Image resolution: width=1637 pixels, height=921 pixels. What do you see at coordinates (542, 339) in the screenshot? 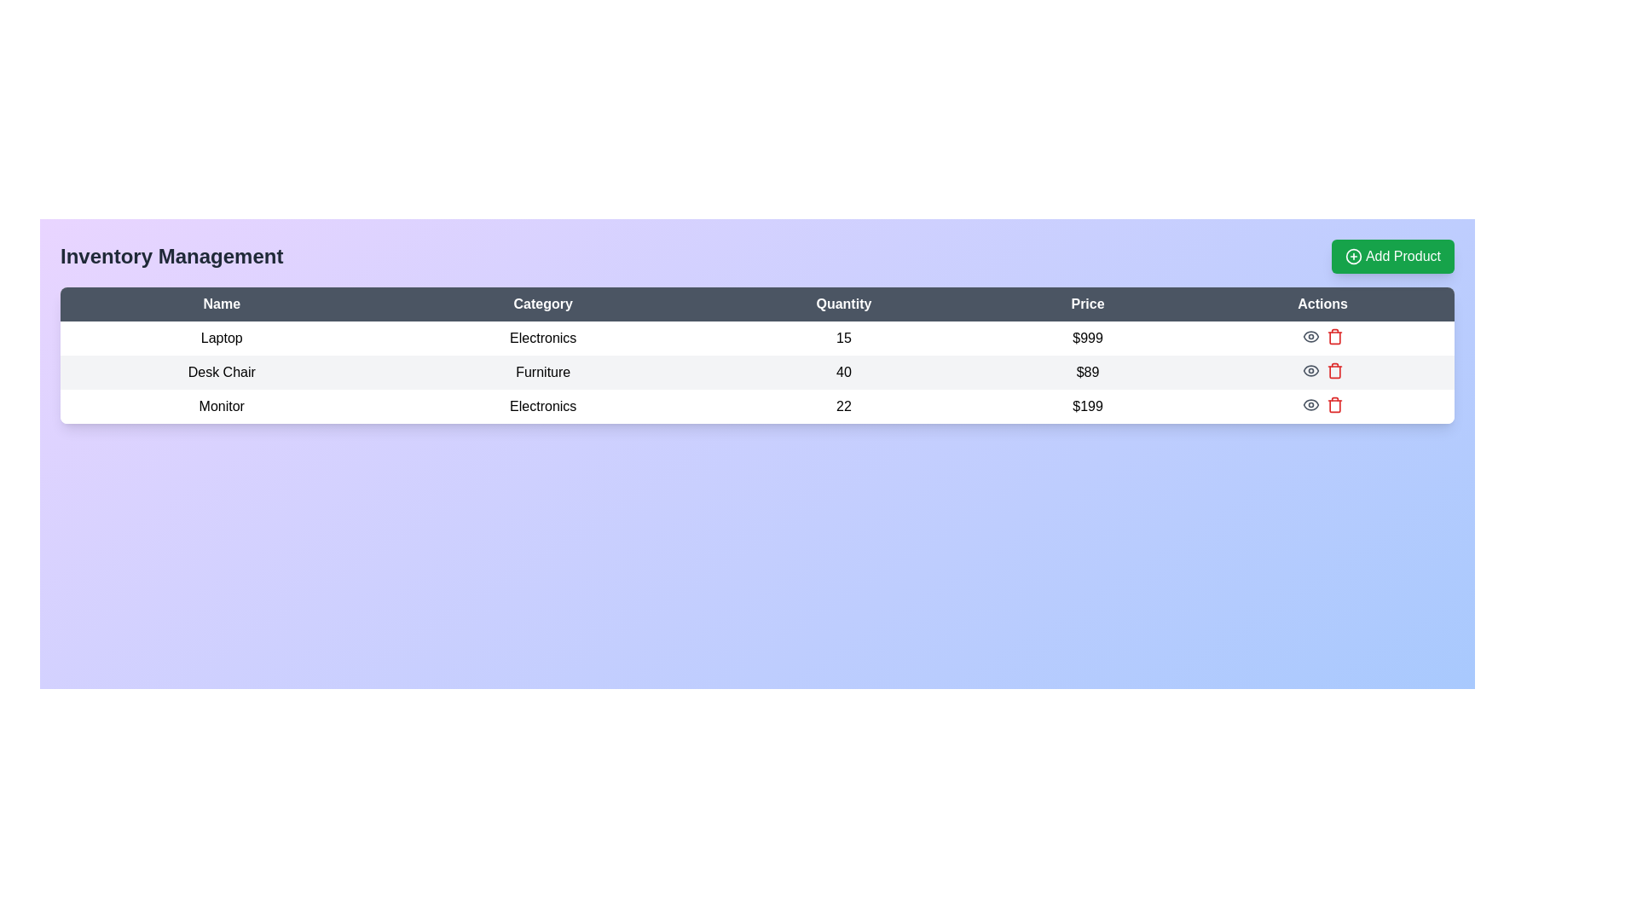
I see `the 'Electronics' text label, which is displayed in bold and centrally aligned within its cell, located in the second cell under the 'Category' column of the 'Laptop' row` at bounding box center [542, 339].